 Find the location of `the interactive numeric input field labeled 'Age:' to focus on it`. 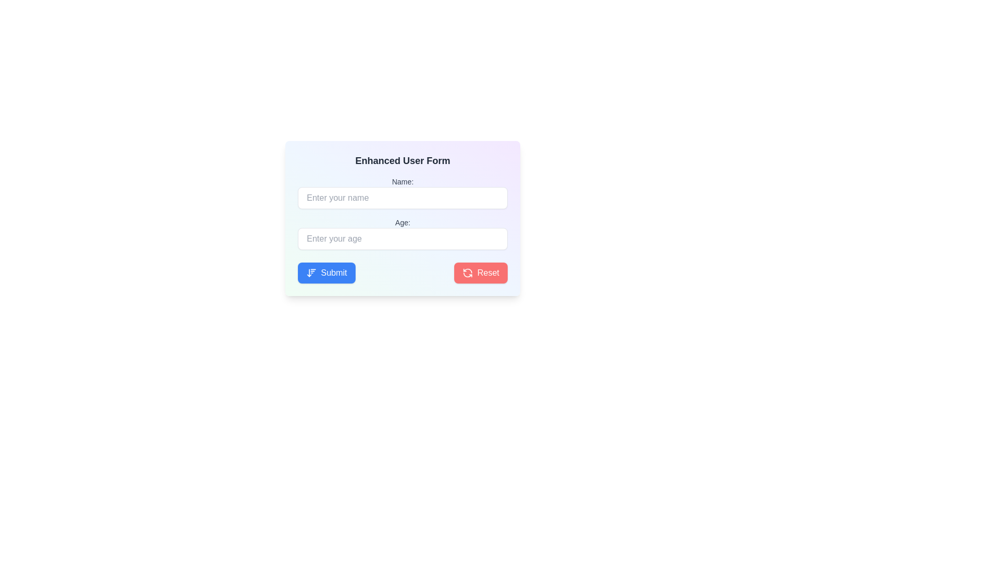

the interactive numeric input field labeled 'Age:' to focus on it is located at coordinates (402, 233).